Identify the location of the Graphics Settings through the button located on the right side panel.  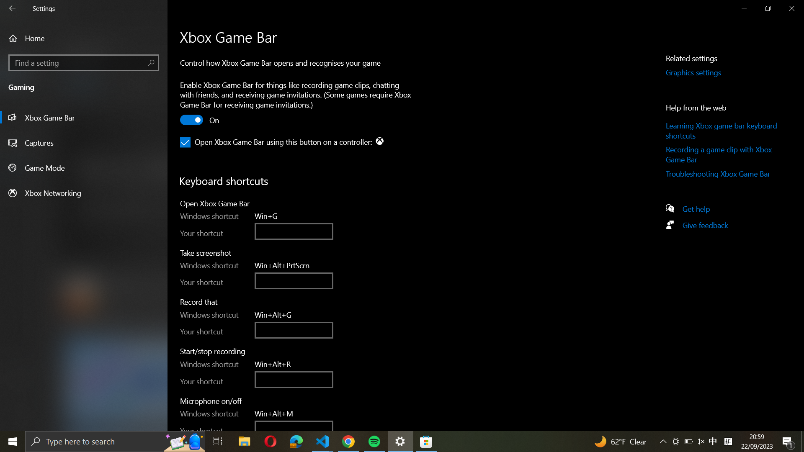
(703, 72).